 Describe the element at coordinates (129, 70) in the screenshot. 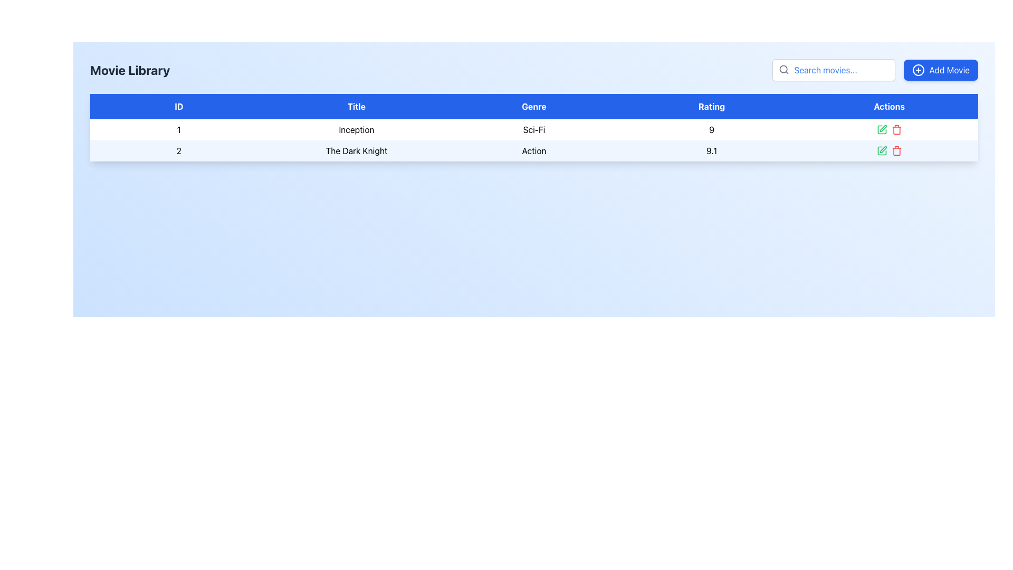

I see `text from the 'Movie Library' text label, which is prominently displayed on the left side of the header section with a large, bold font against a light blue background` at that location.